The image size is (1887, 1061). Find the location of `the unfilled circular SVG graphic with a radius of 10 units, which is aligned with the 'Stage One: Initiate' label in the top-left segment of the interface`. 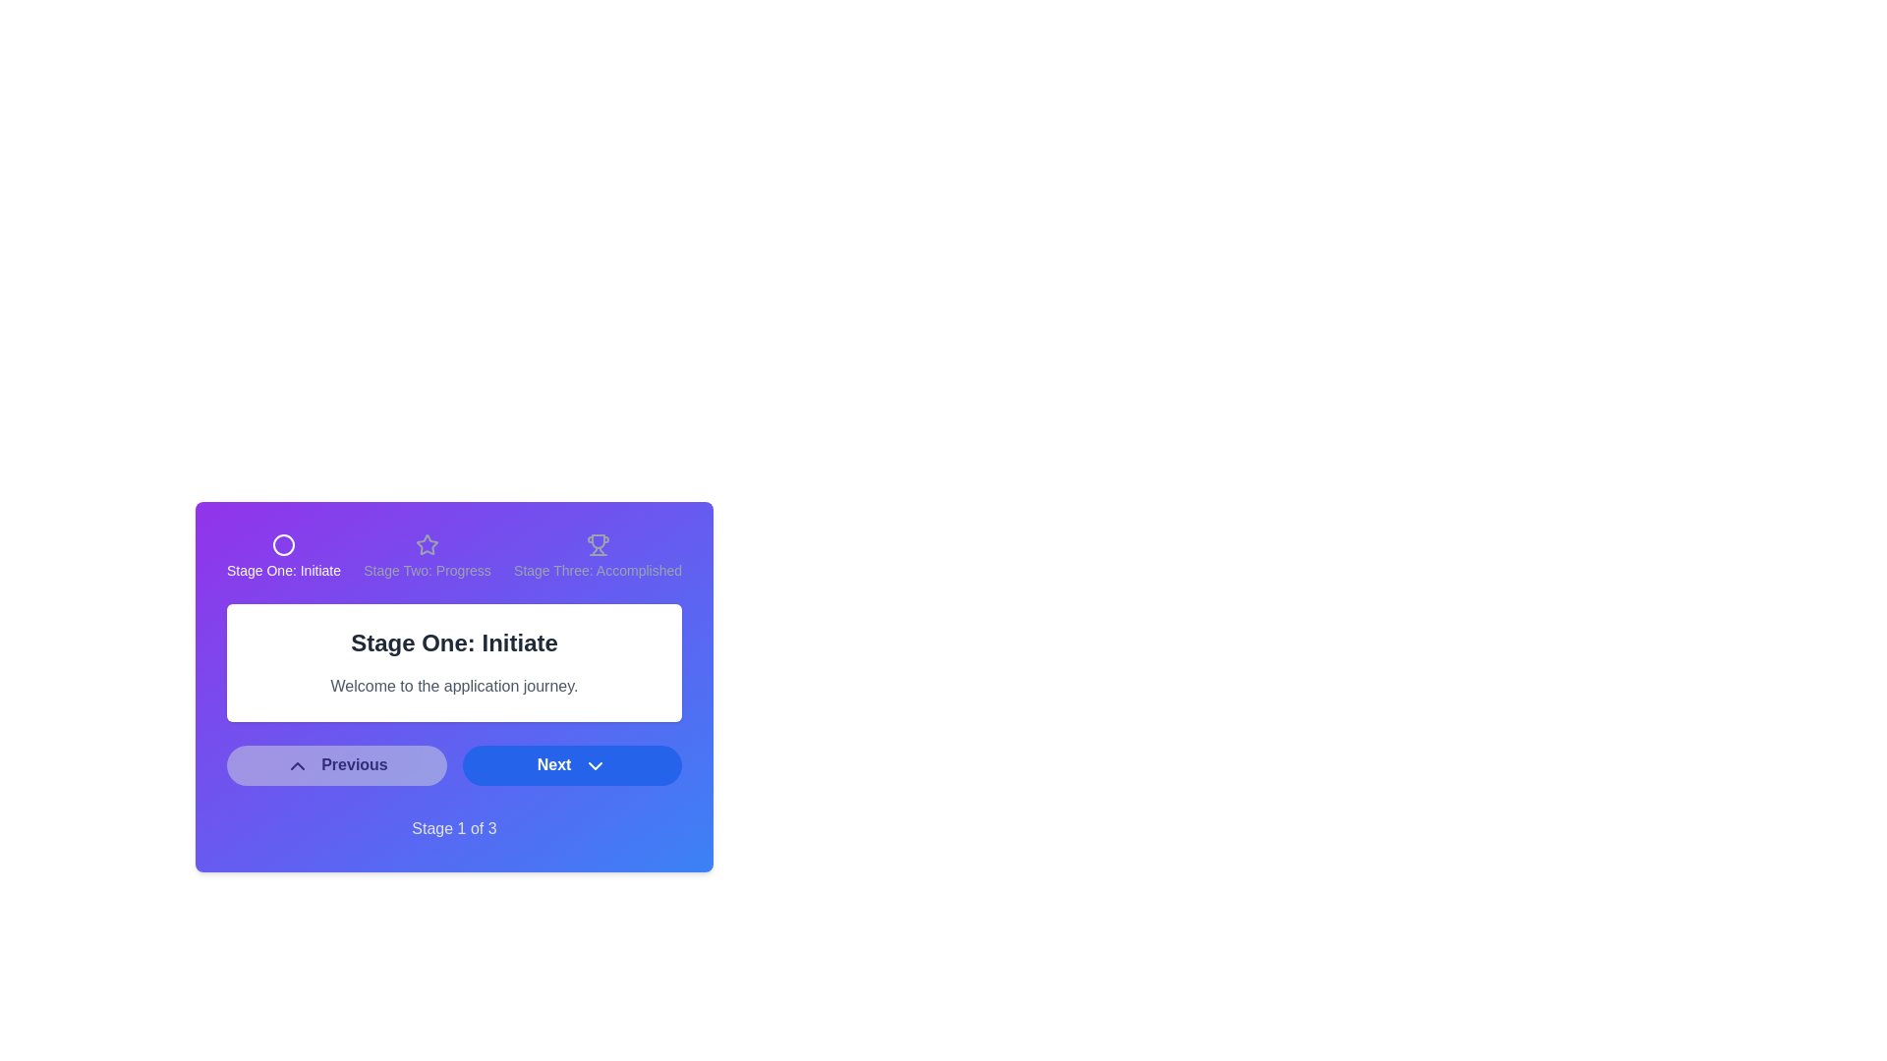

the unfilled circular SVG graphic with a radius of 10 units, which is aligned with the 'Stage One: Initiate' label in the top-left segment of the interface is located at coordinates (282, 545).